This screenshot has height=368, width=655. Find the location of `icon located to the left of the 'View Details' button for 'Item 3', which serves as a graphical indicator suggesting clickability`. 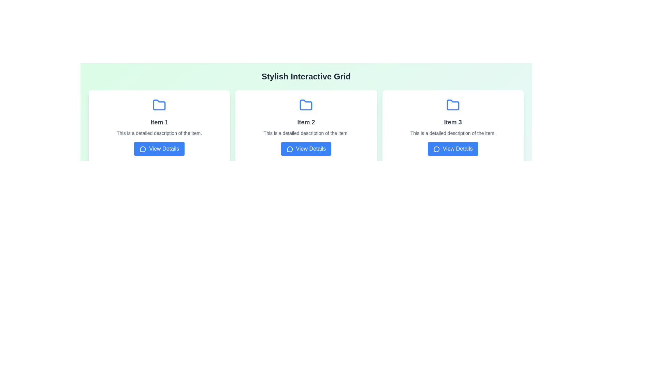

icon located to the left of the 'View Details' button for 'Item 3', which serves as a graphical indicator suggesting clickability is located at coordinates (436, 149).